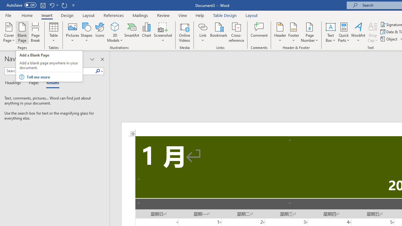 This screenshot has width=402, height=226. What do you see at coordinates (280, 32) in the screenshot?
I see `'Header'` at bounding box center [280, 32].